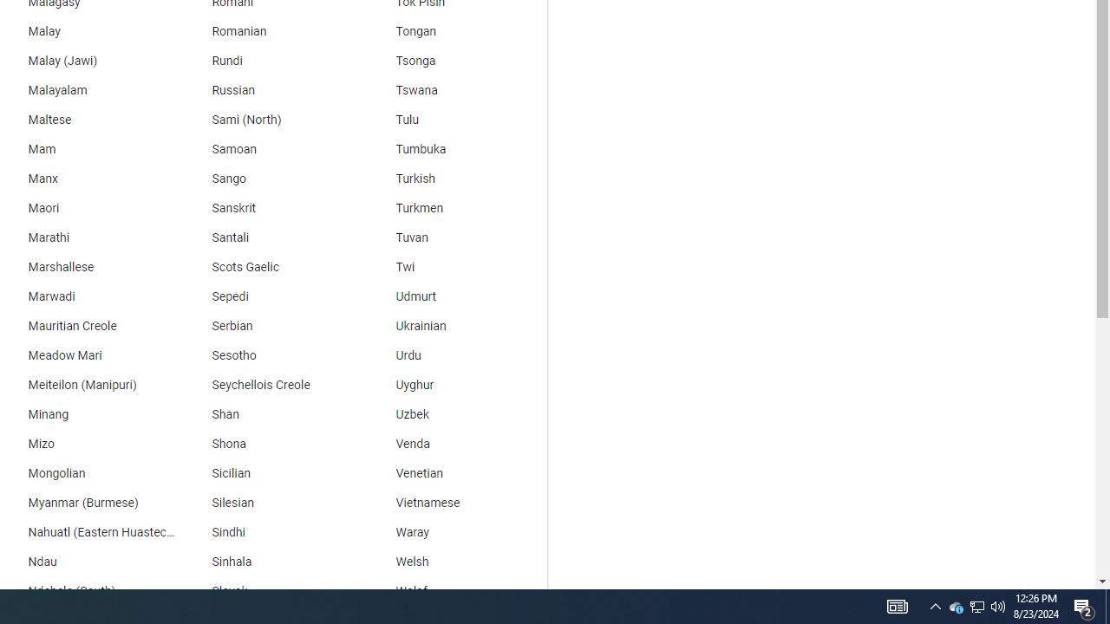 The image size is (1110, 624). I want to click on 'Seychellois Creole', so click(270, 384).